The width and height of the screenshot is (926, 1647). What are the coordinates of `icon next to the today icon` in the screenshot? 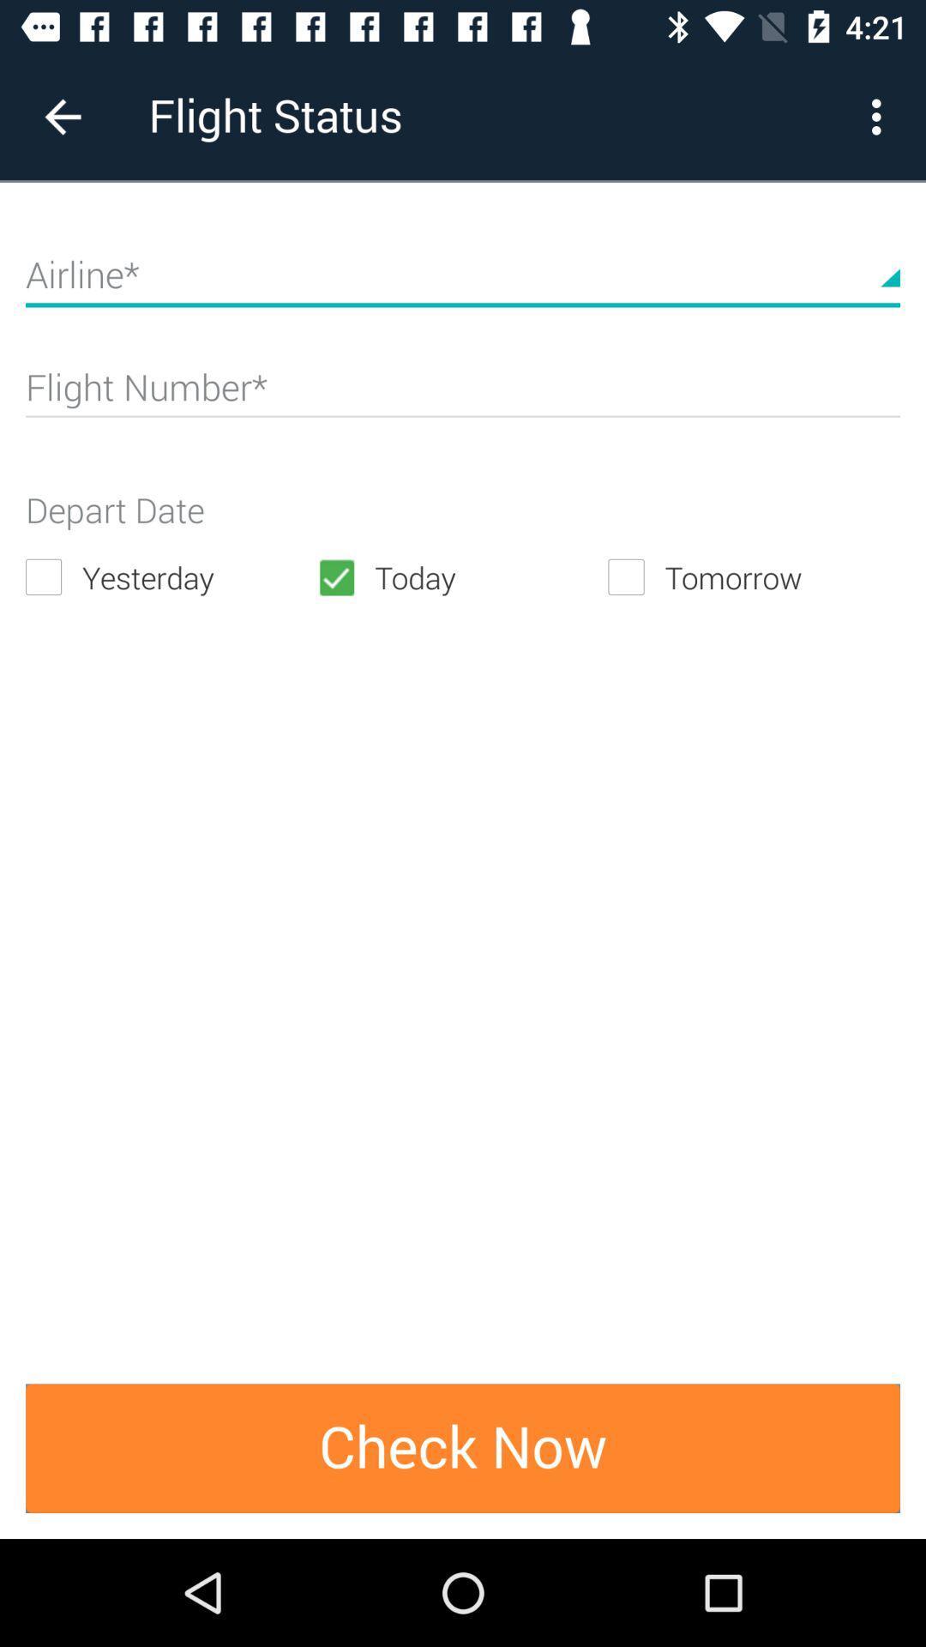 It's located at (753, 577).